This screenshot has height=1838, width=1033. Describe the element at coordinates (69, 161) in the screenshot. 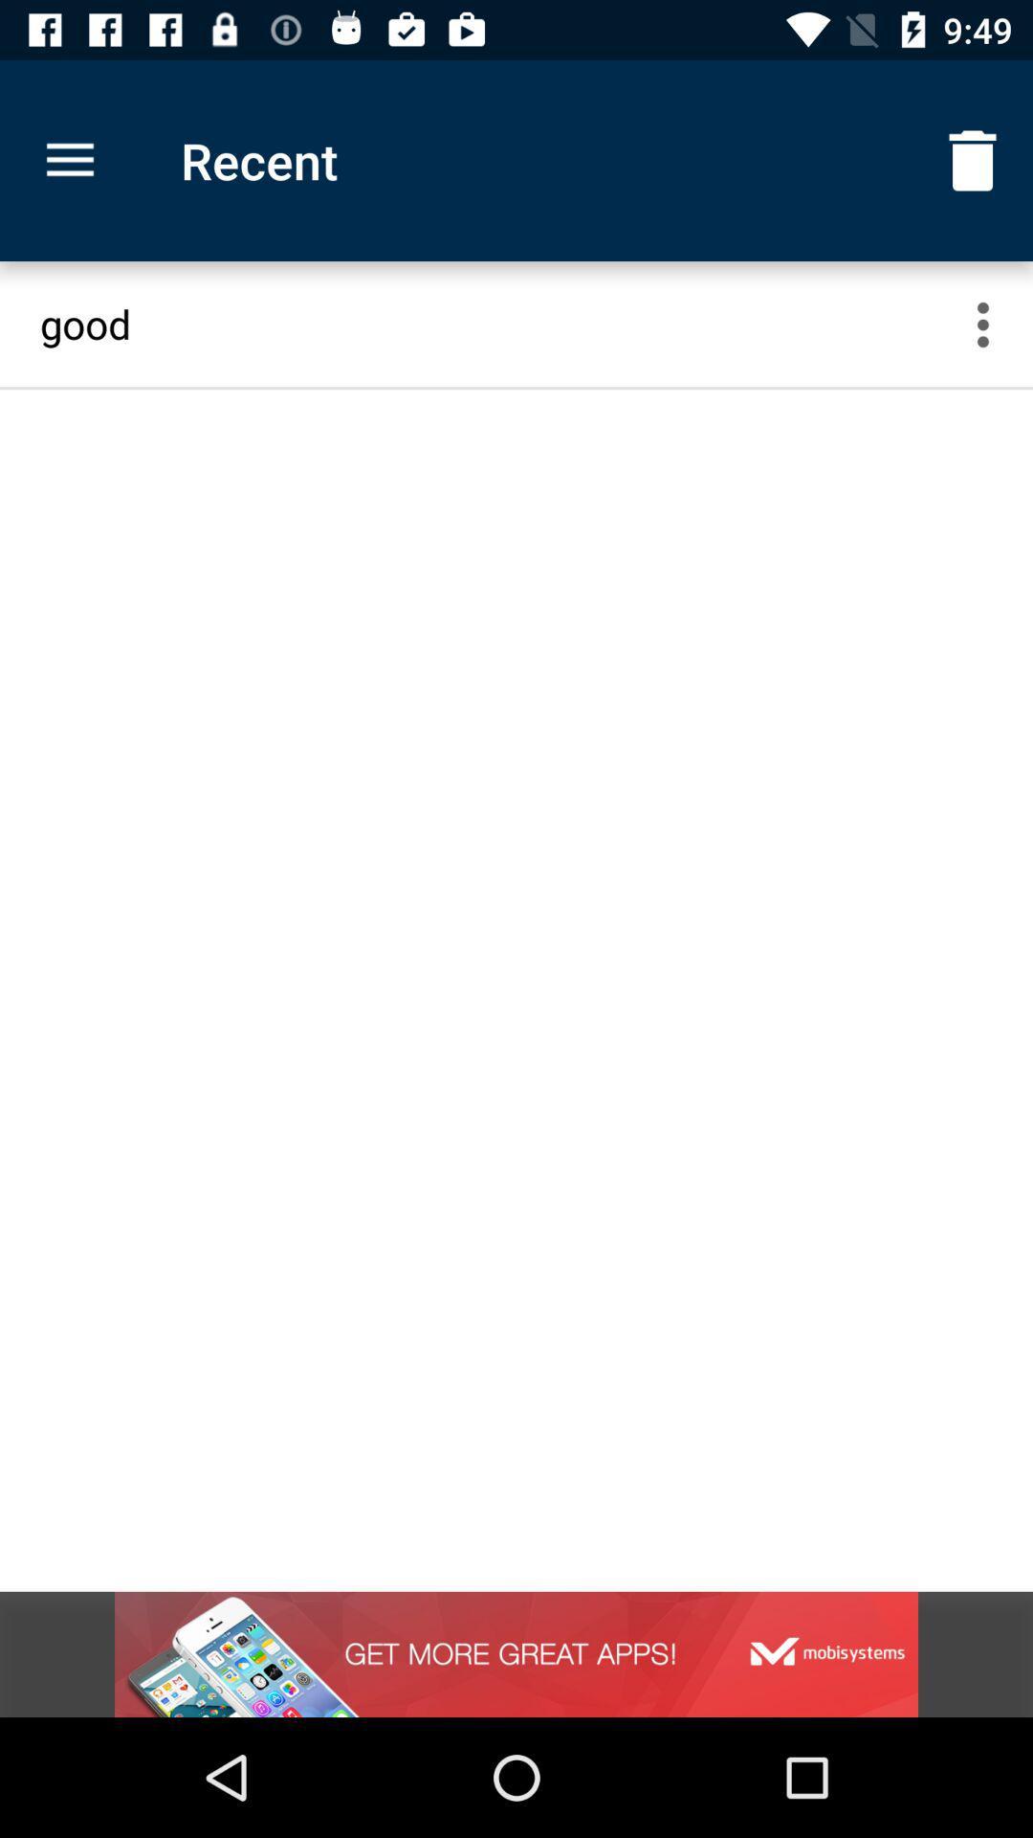

I see `icon to the left of recent icon` at that location.